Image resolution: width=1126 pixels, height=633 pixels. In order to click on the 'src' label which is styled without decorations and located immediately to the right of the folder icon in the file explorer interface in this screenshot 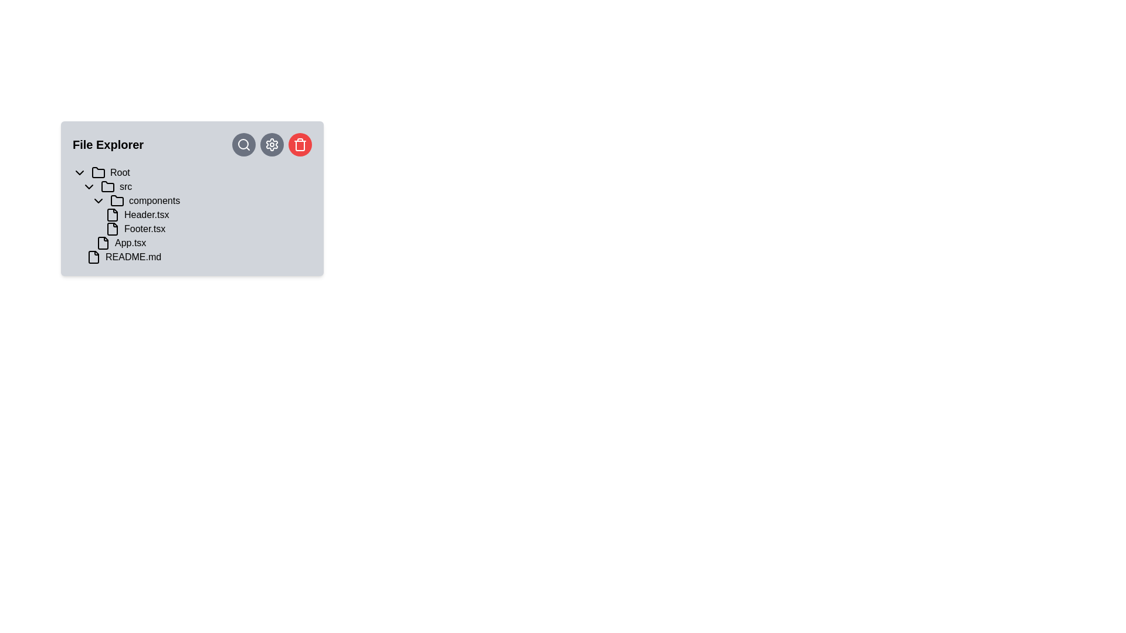, I will do `click(126, 186)`.